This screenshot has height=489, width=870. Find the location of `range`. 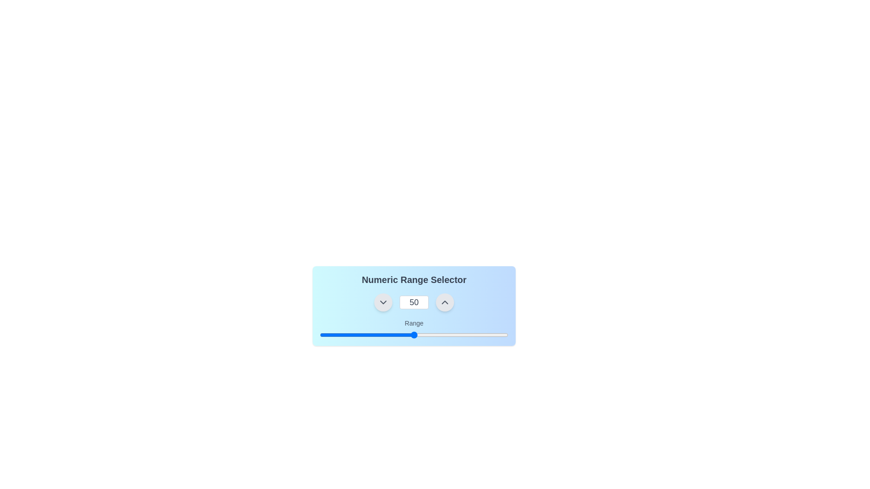

range is located at coordinates (367, 335).